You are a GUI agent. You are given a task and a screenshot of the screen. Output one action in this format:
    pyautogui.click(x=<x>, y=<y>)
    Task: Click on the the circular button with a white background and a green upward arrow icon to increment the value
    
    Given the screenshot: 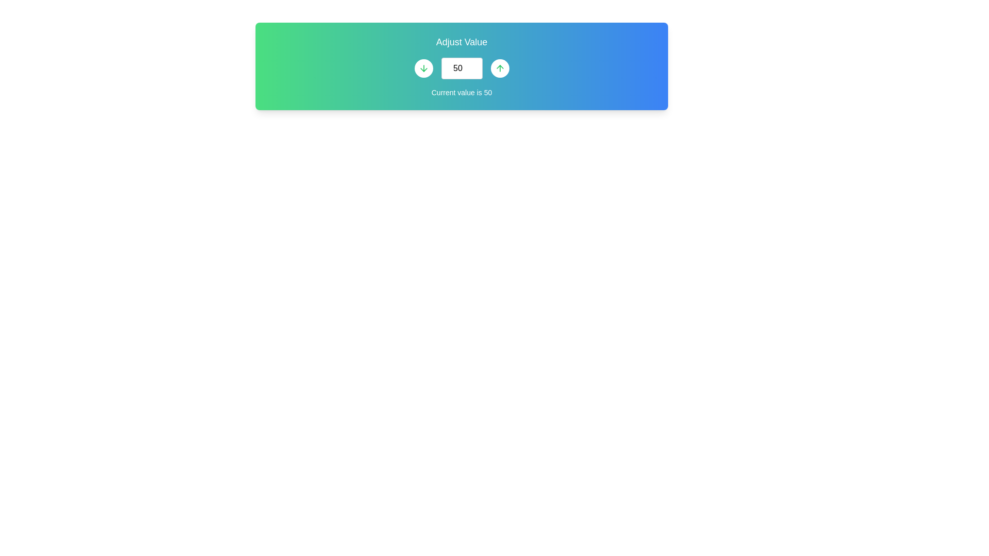 What is the action you would take?
    pyautogui.click(x=500, y=68)
    